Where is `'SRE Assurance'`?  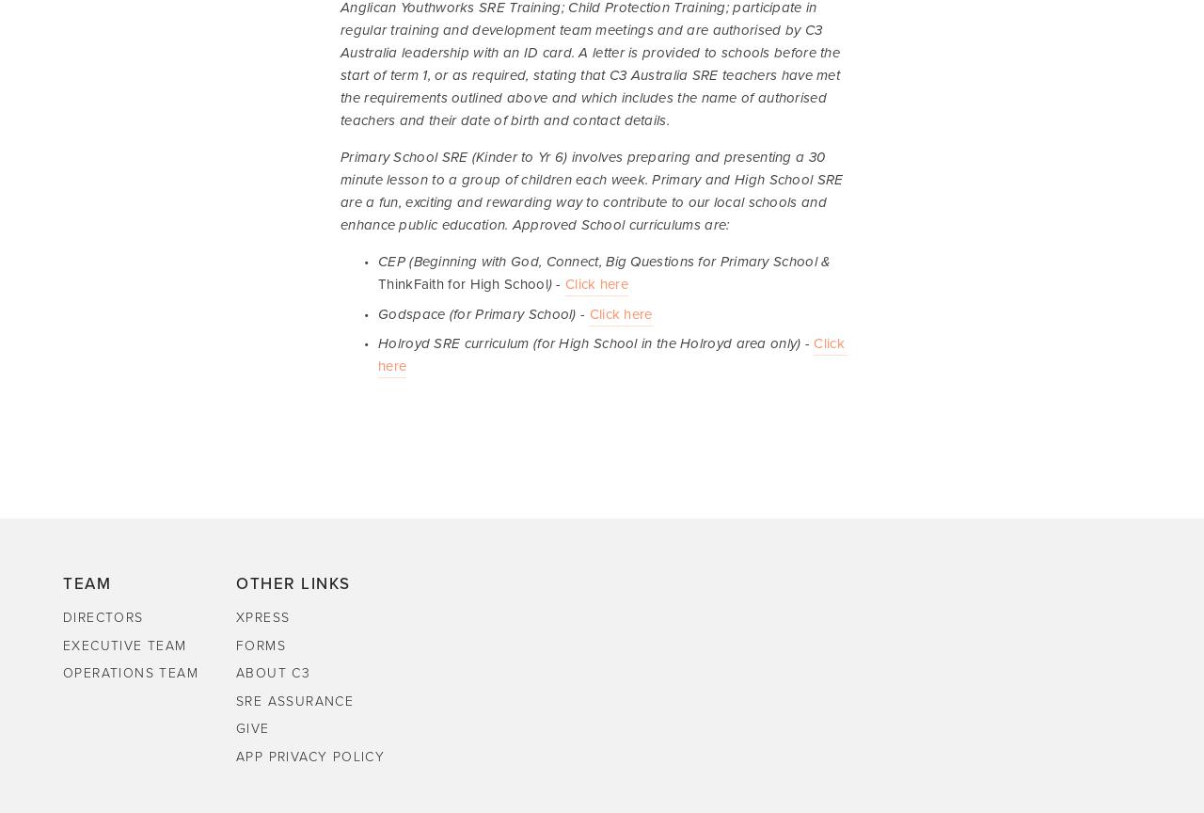 'SRE Assurance' is located at coordinates (235, 700).